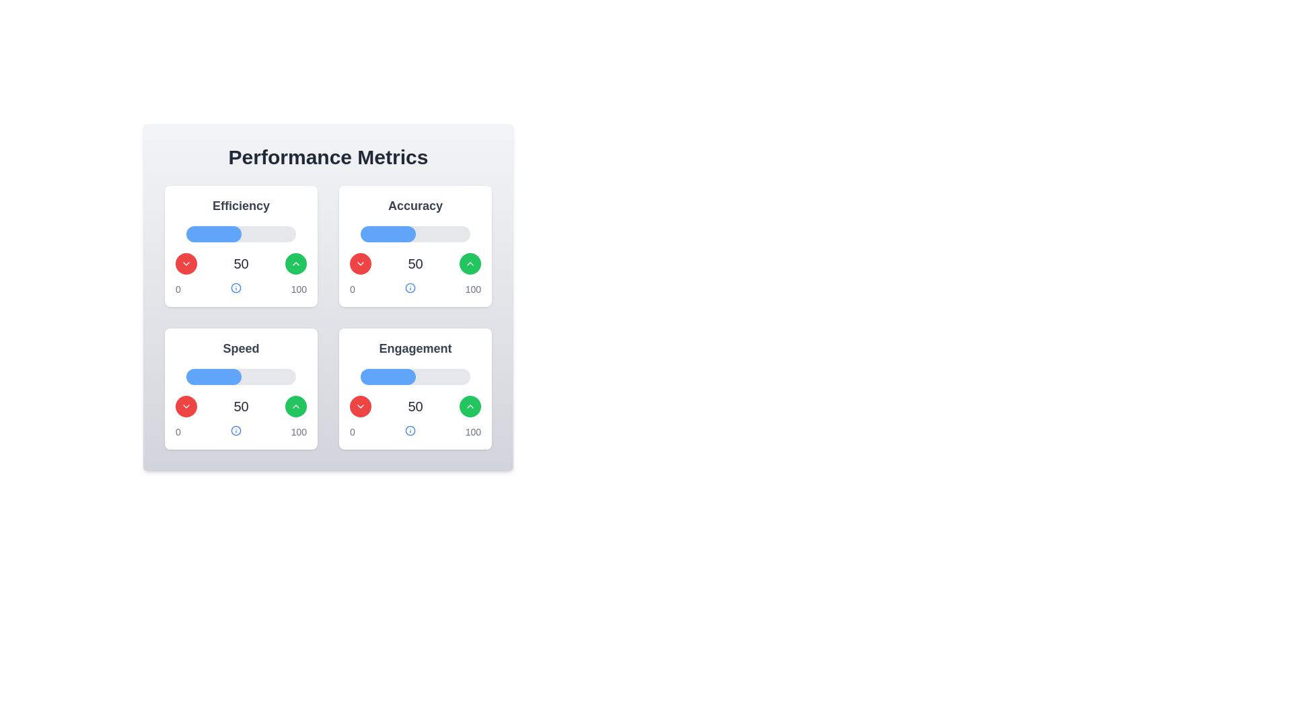 This screenshot has width=1292, height=727. I want to click on the downward chevron icon embedded inside the red circular button, so click(186, 406).